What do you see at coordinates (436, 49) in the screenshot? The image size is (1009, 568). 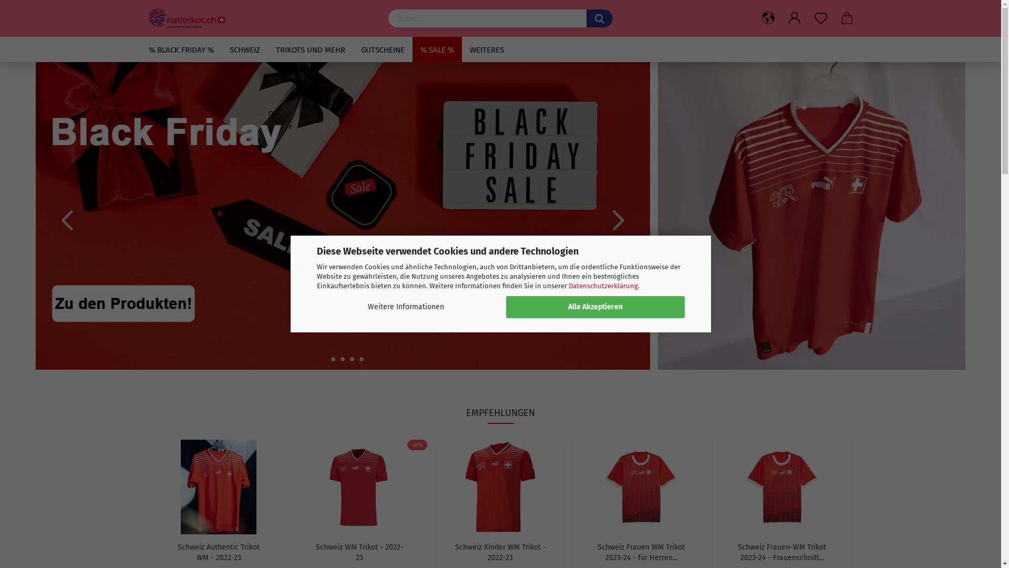 I see `'% SALE %'` at bounding box center [436, 49].